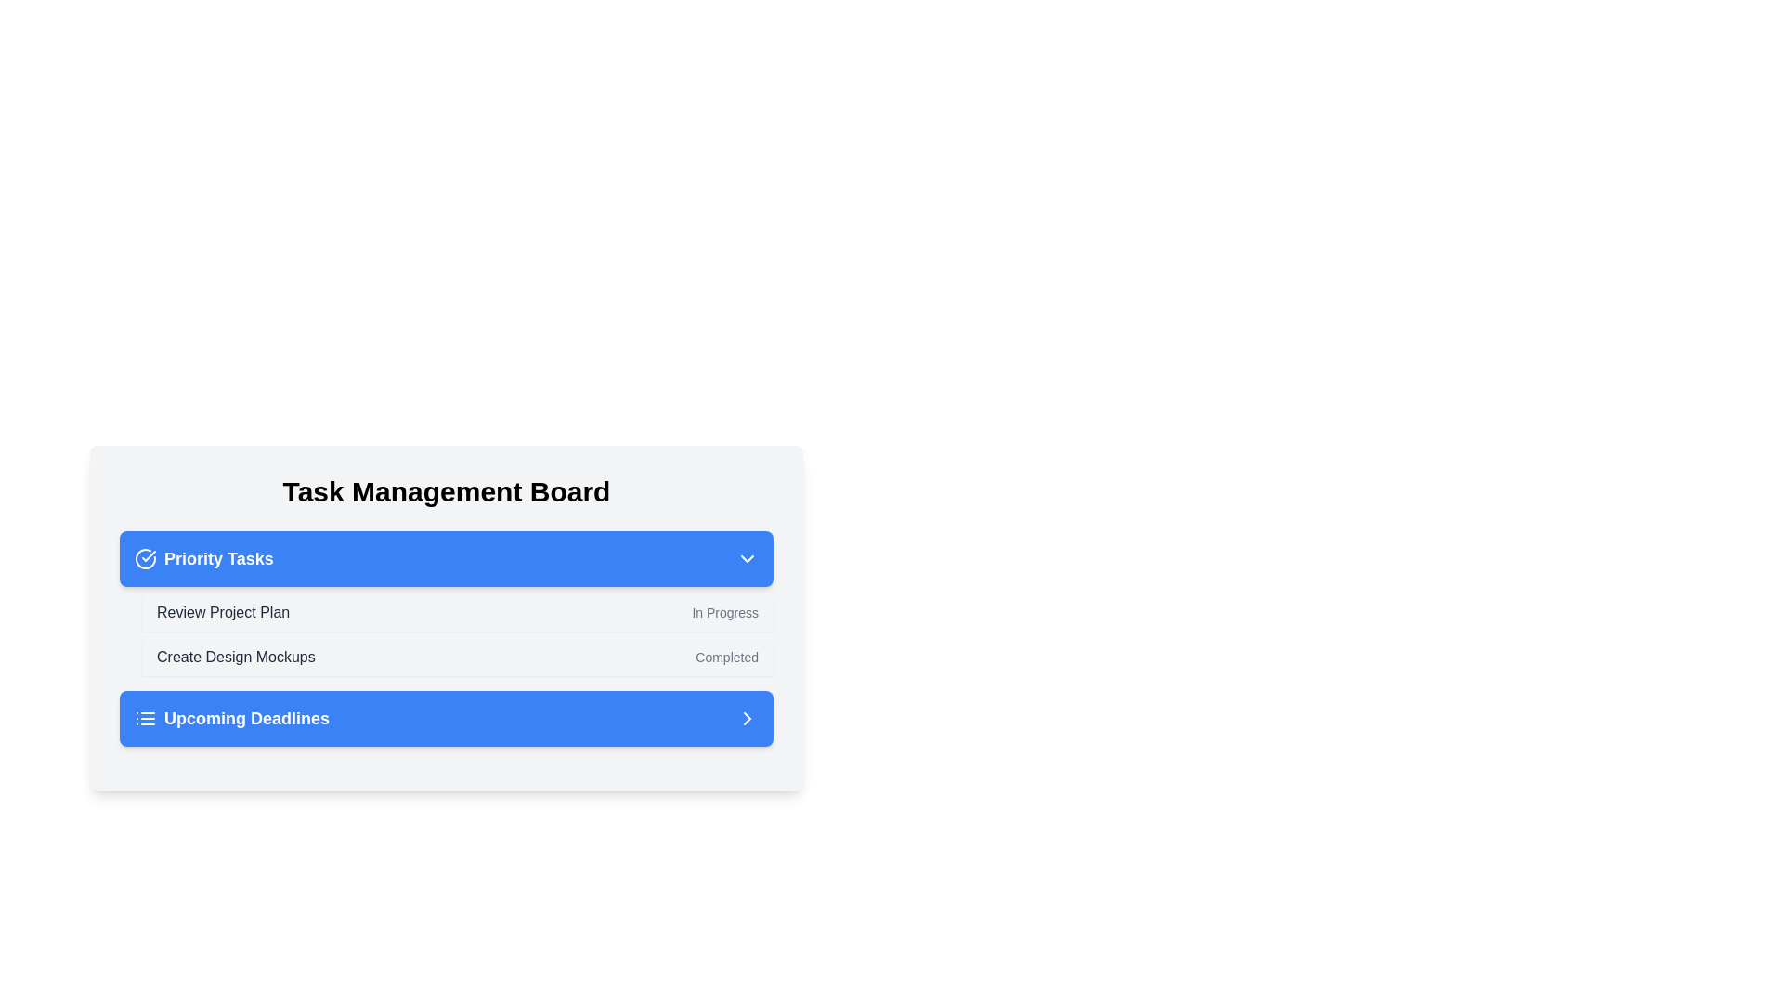  I want to click on the arrow icon on the far right side of the 'Upcoming Deadlines' blue bar in the 'Task Management Board' interface, so click(748, 718).